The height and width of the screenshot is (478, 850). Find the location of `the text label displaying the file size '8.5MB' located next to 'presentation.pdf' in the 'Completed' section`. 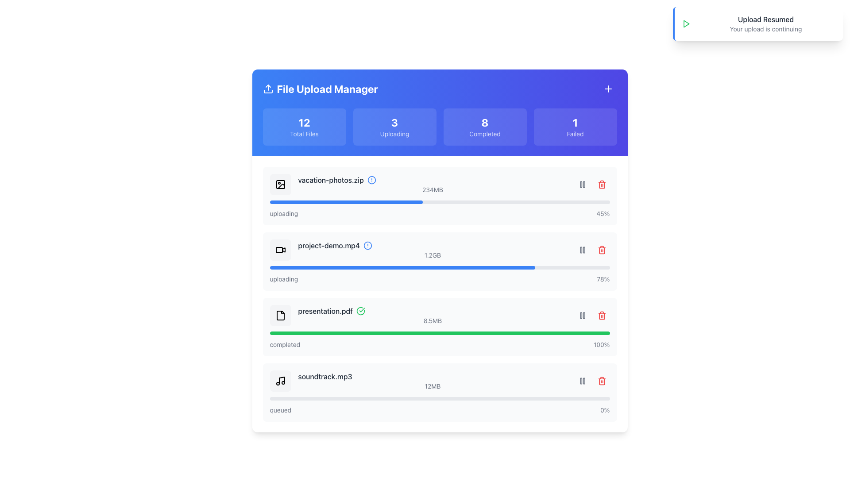

the text label displaying the file size '8.5MB' located next to 'presentation.pdf' in the 'Completed' section is located at coordinates (433, 321).